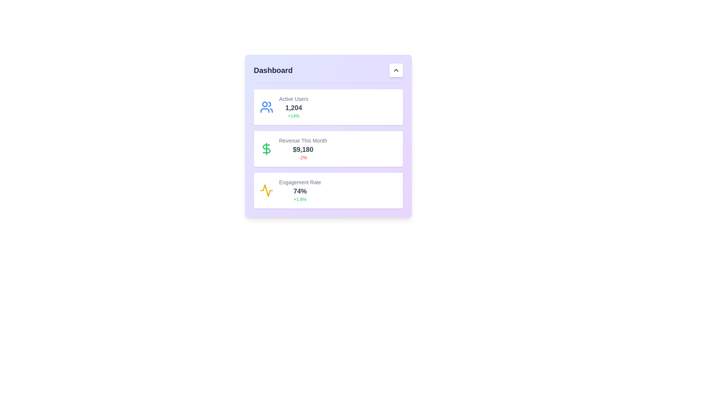  Describe the element at coordinates (303, 149) in the screenshot. I see `monetary value displayed as '$9,180' from the central text label within the 'Revenue This Month' card` at that location.